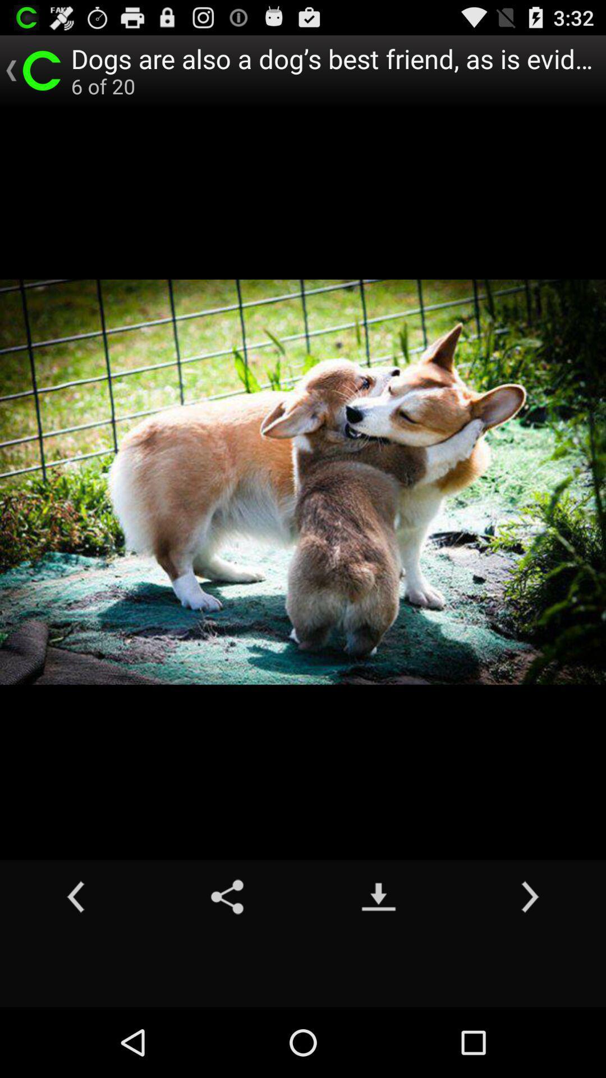 This screenshot has width=606, height=1078. I want to click on the arrow_backward icon, so click(76, 959).